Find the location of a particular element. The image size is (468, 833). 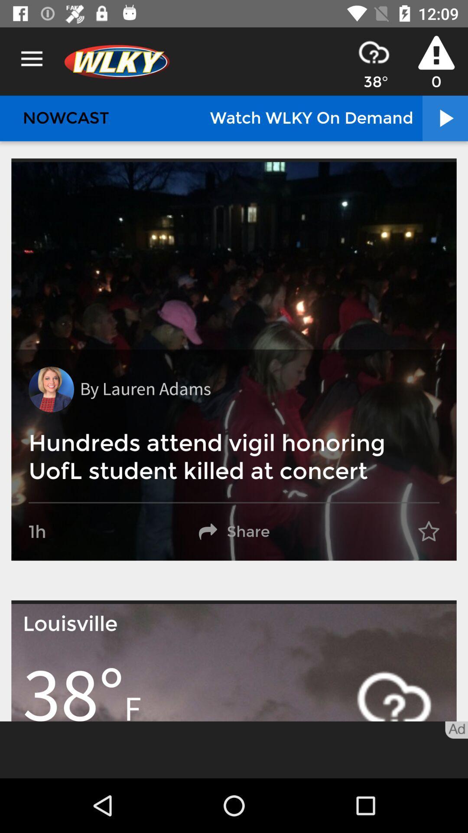

the icon on the right is located at coordinates (428, 531).